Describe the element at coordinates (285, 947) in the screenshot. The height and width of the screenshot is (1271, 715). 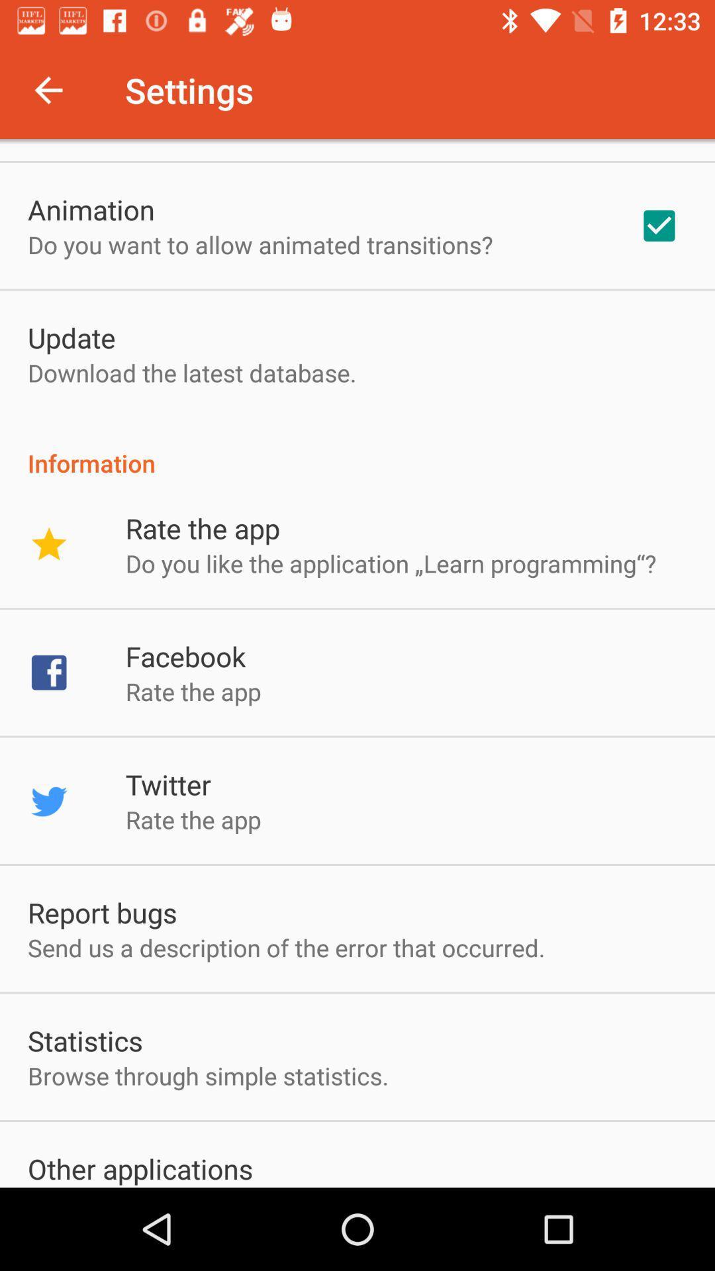
I see `item above the statistics app` at that location.